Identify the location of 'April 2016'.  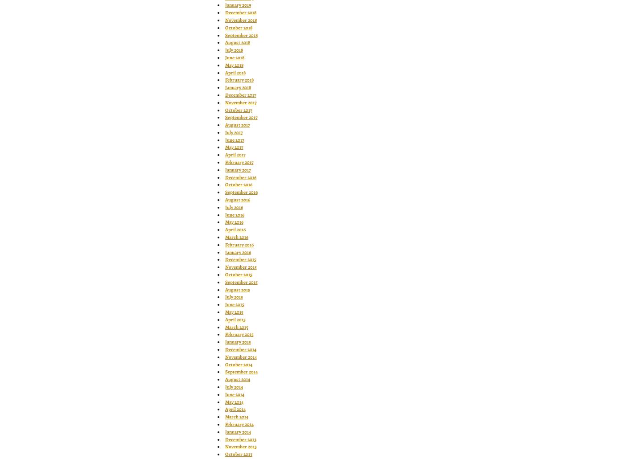
(235, 229).